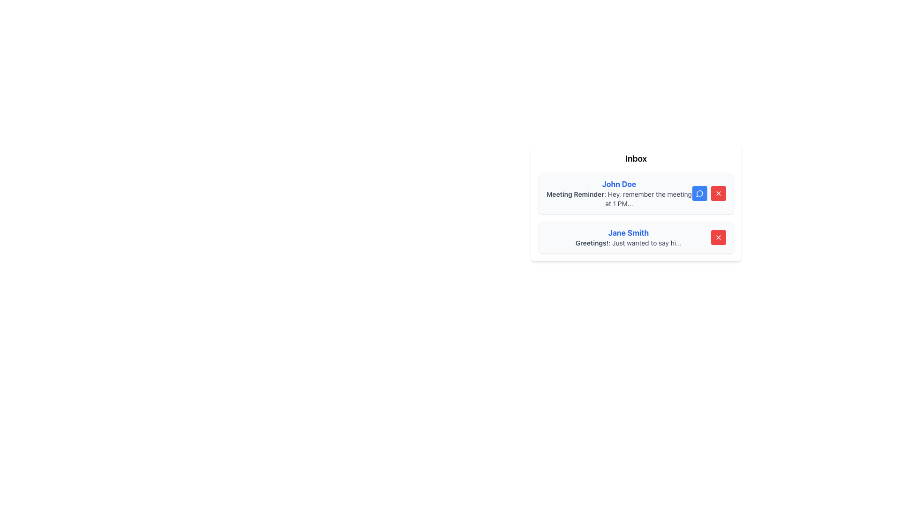 The height and width of the screenshot is (506, 900). What do you see at coordinates (619, 198) in the screenshot?
I see `the text display element that serves as a summary line for the meeting reminder associated with 'John Doe', located` at bounding box center [619, 198].